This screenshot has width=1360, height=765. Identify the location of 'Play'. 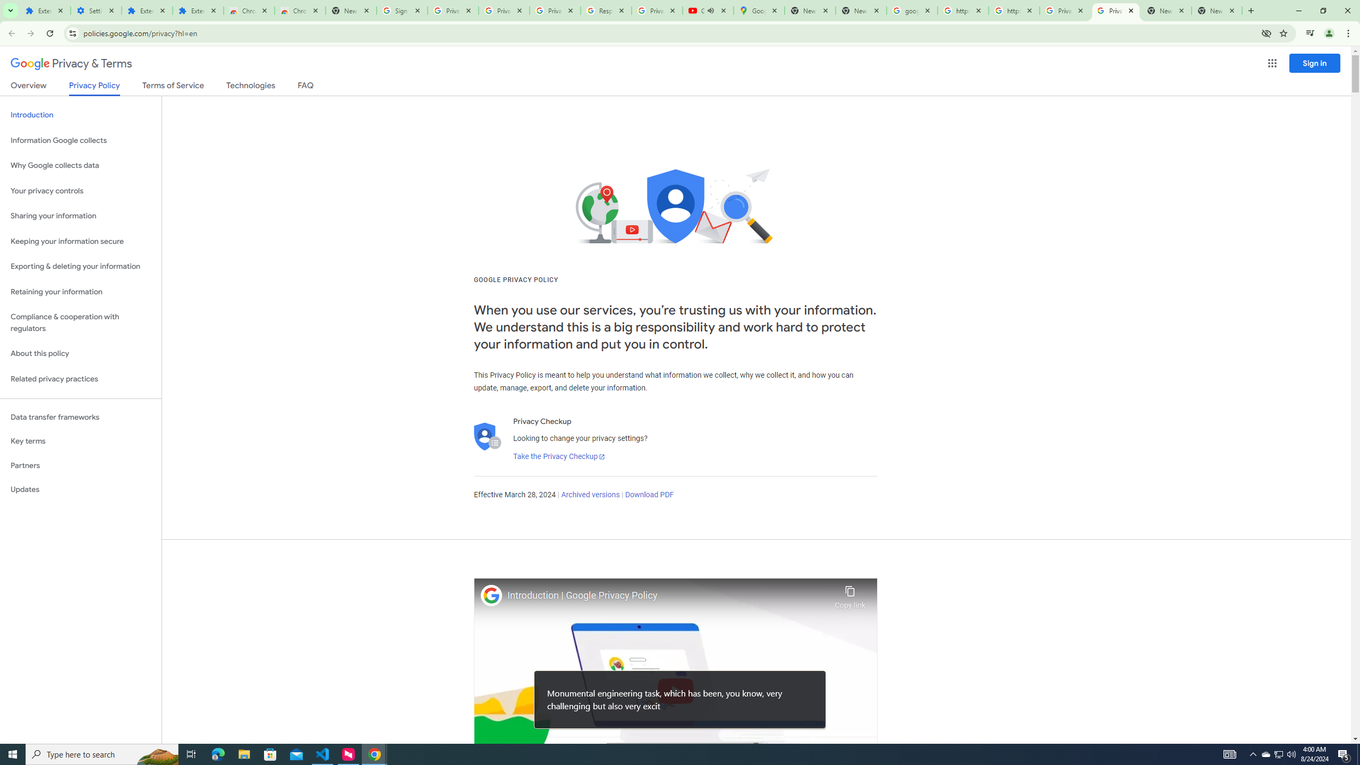
(675, 690).